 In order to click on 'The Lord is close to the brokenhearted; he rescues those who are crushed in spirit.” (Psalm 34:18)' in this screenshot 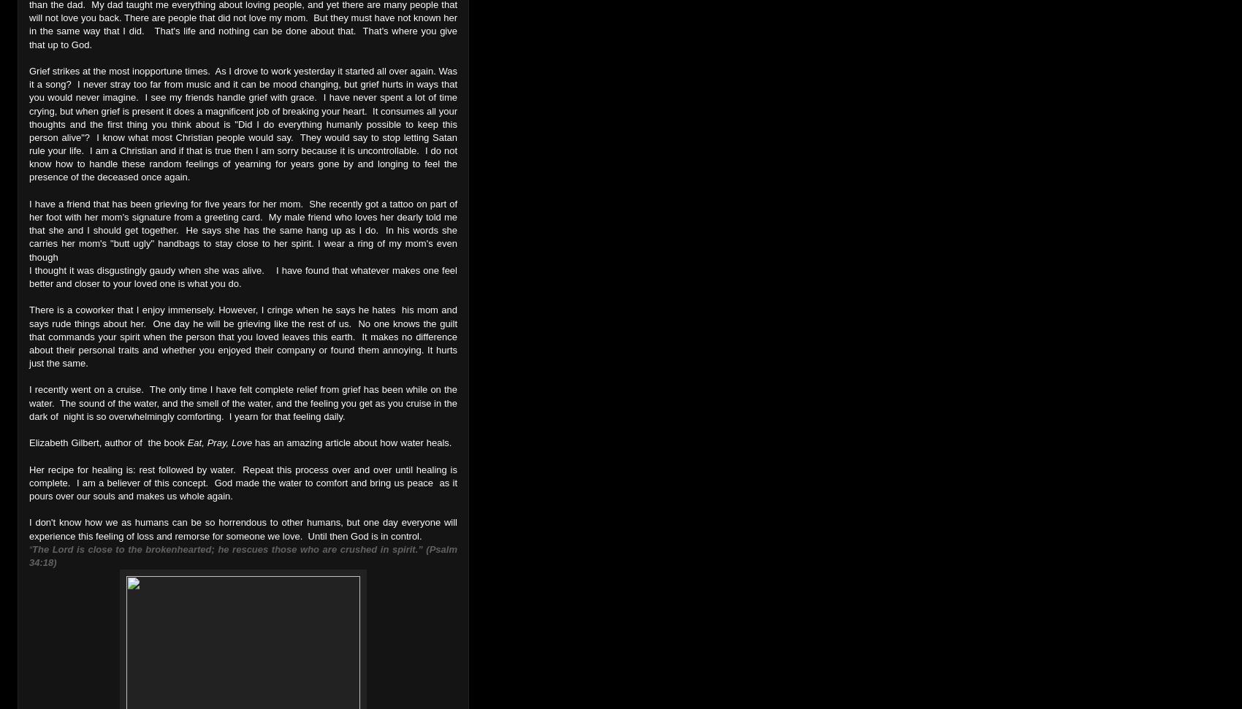, I will do `click(243, 555)`.